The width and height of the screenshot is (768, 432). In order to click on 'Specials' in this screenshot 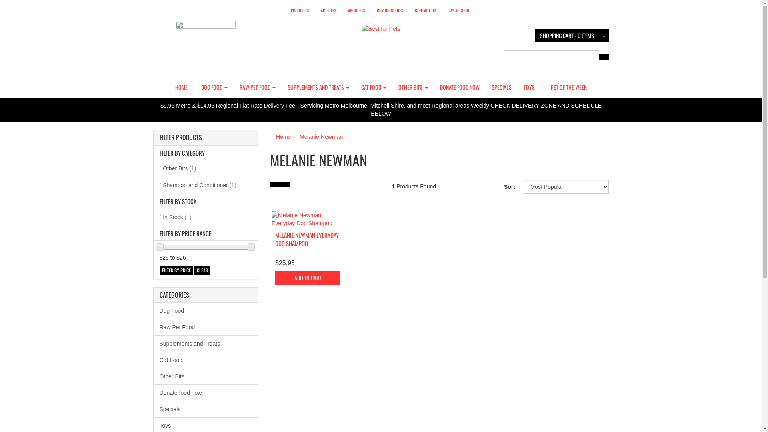, I will do `click(206, 409)`.